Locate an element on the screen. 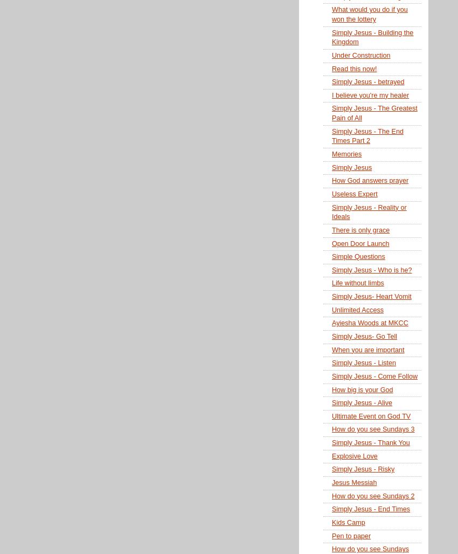  'I believe you're my healer' is located at coordinates (370, 94).